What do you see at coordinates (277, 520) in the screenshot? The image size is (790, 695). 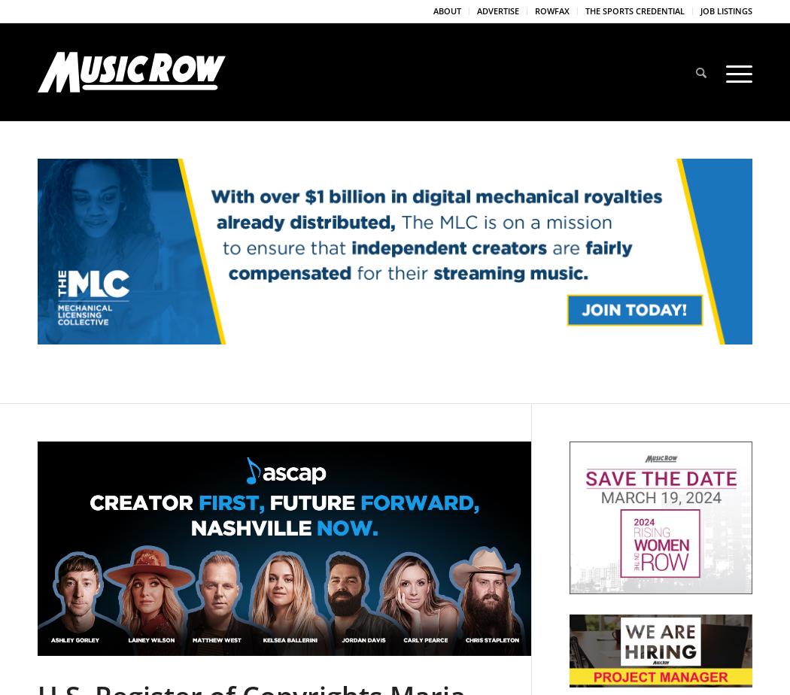 I see `'U.S. Register of Copyrights Maria Pallante Plans Nashville Visit'` at bounding box center [277, 520].